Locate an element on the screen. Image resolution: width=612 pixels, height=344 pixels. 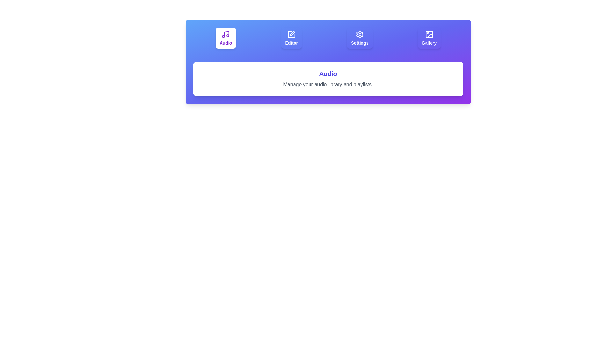
the tab labeled Gallery to select it is located at coordinates (429, 38).